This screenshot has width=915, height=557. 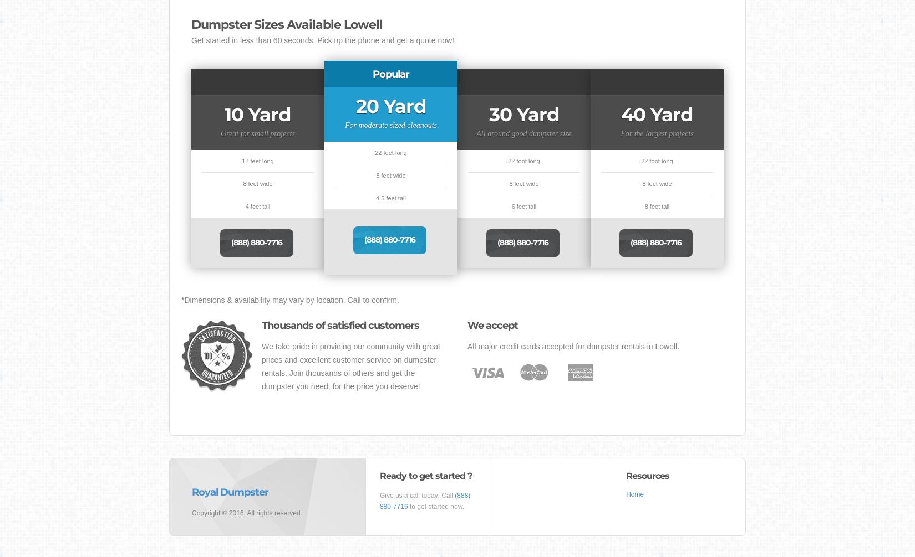 I want to click on 'Get started in less than 60 seconds. Pick up the phone and get a quote now!', so click(x=322, y=40).